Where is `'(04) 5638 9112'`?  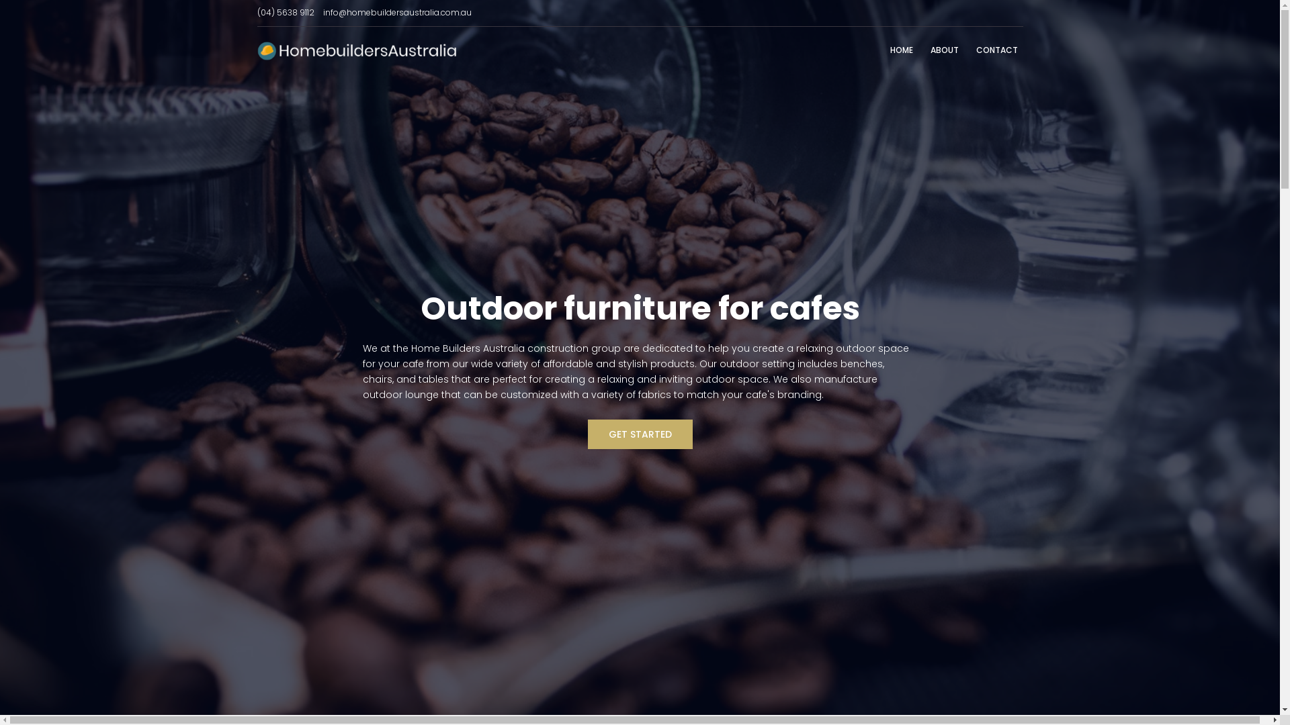 '(04) 5638 9112' is located at coordinates (284, 12).